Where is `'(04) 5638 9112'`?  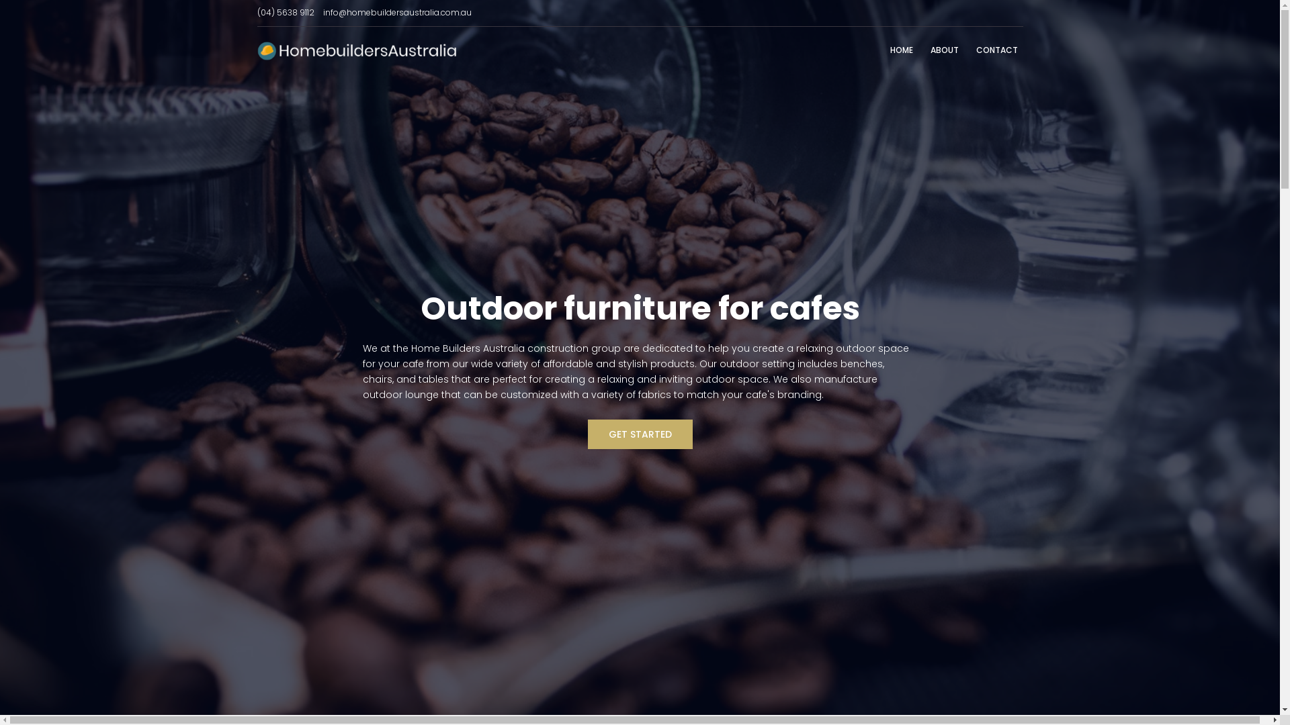 '(04) 5638 9112' is located at coordinates (284, 12).